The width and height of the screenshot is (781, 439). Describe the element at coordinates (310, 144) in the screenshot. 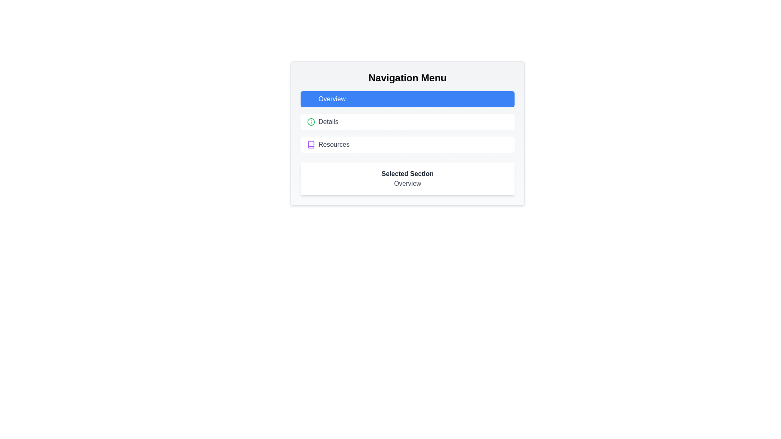

I see `the 'Resources' icon in the navigation menu, which is positioned to the left of its text label` at that location.